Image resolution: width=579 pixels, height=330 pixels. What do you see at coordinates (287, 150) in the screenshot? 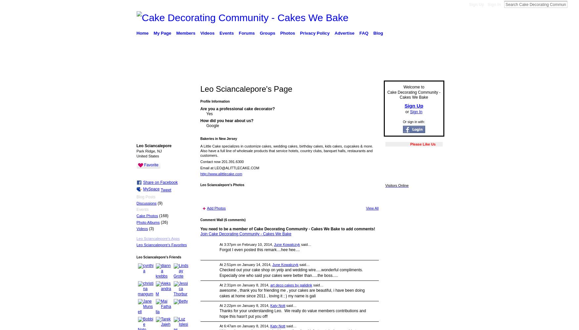
I see `'A Little Cake specializes in customize cakes, wedding cakes, birthday cakes, kids cakes, cupcakes & more. Also have a full line of wholesale products that service hotels, country clubs, banquet halls, restaurants and customers.'` at bounding box center [287, 150].